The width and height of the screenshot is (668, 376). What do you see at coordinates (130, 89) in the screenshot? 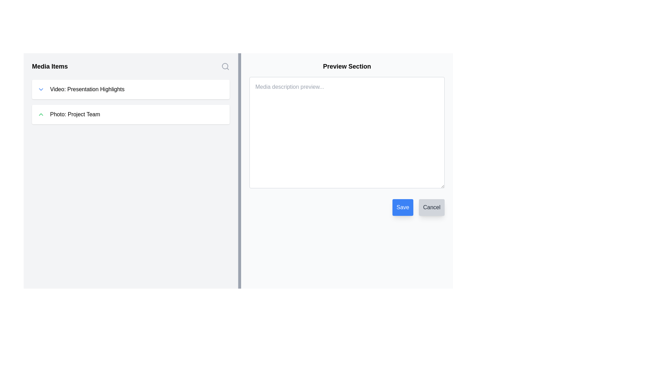
I see `the collapsible entry for the media item titled 'Video: Presentation Highlights' to expand and access additional options or details` at bounding box center [130, 89].